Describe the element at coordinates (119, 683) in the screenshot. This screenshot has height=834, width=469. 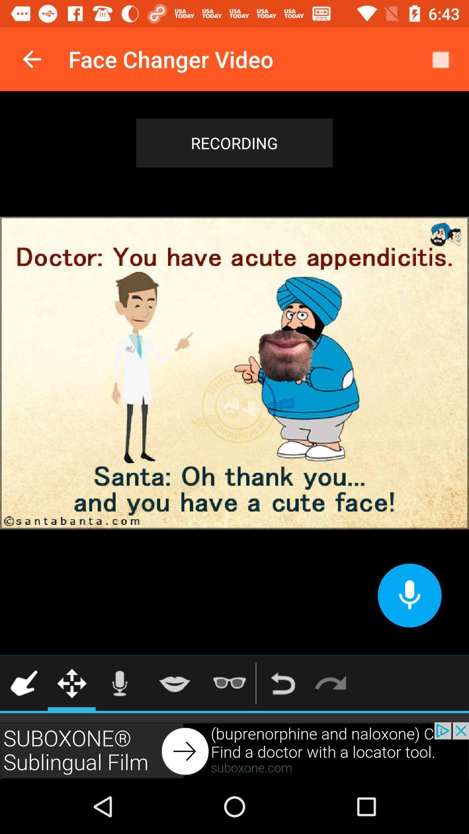
I see `the microphone icon` at that location.